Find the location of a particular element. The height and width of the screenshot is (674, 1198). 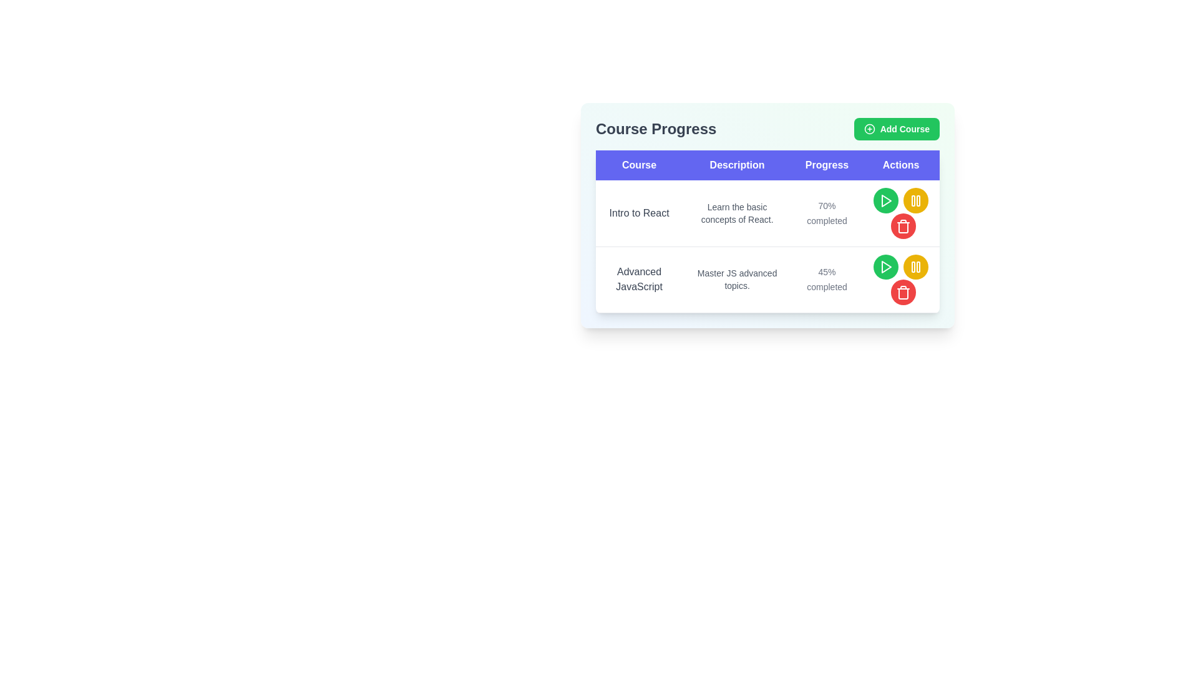

properties of the static text label displaying the course title 'Advanced JavaScript', located in the first column, second row of a table layout is located at coordinates (639, 279).